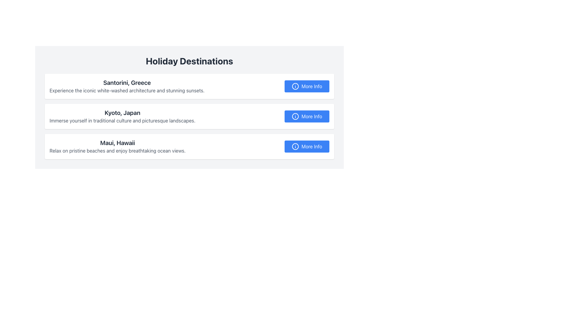 This screenshot has width=577, height=325. I want to click on the informational text block displaying the holiday destination, positioned between 'Kyoto, Japan' and the 'More Info' button for Maui, so click(118, 146).